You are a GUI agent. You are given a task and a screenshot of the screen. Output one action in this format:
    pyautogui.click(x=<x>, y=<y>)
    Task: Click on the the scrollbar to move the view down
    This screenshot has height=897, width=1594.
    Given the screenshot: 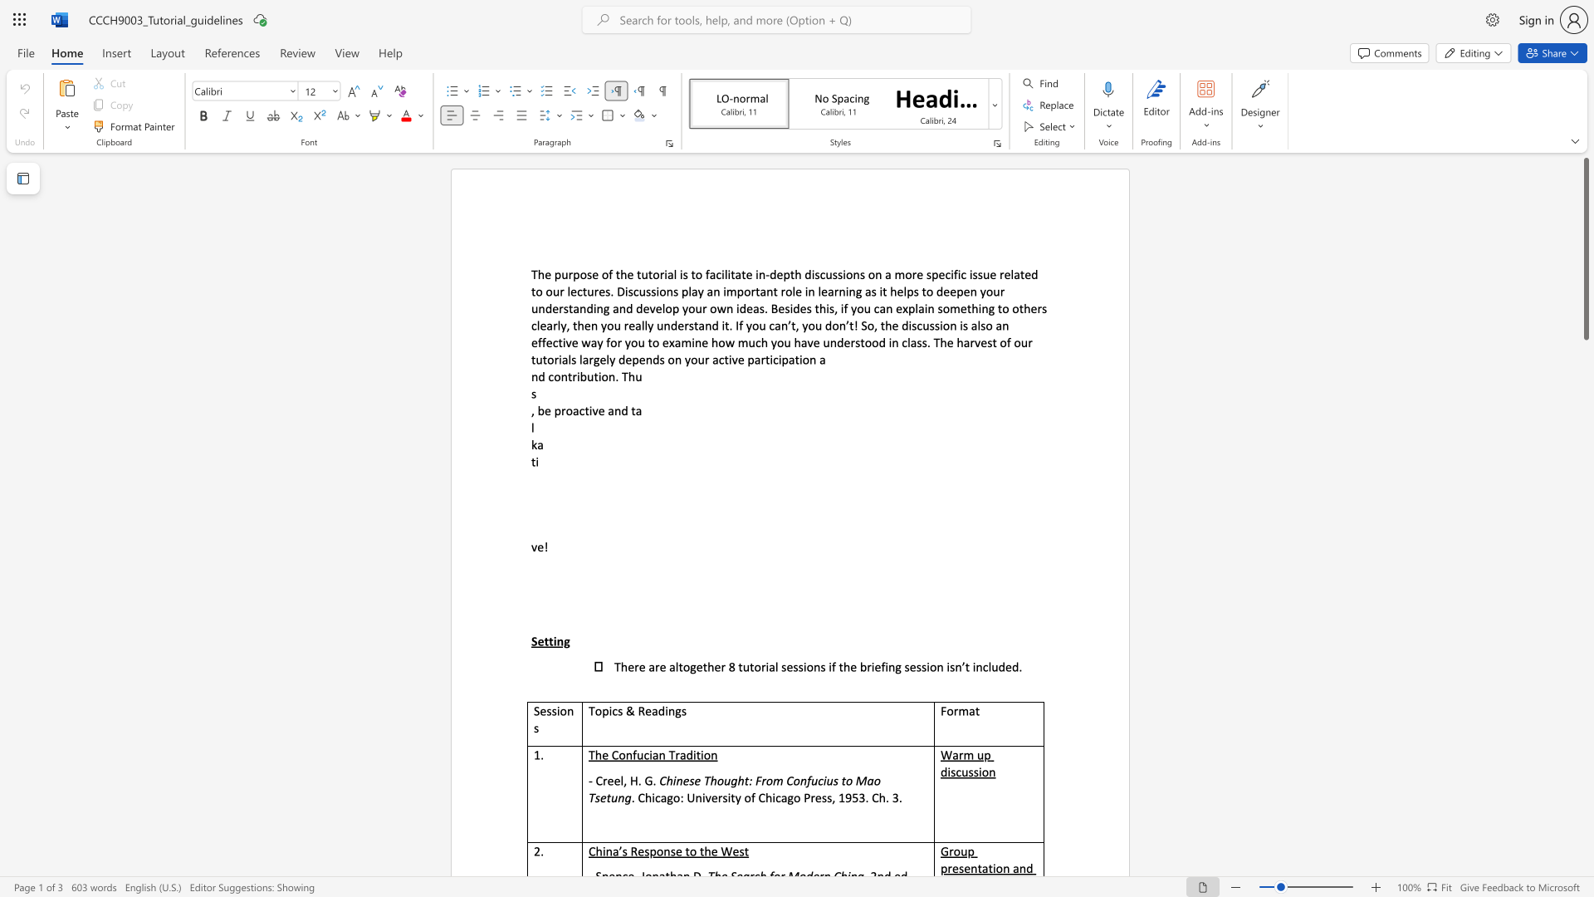 What is the action you would take?
    pyautogui.click(x=1585, y=406)
    